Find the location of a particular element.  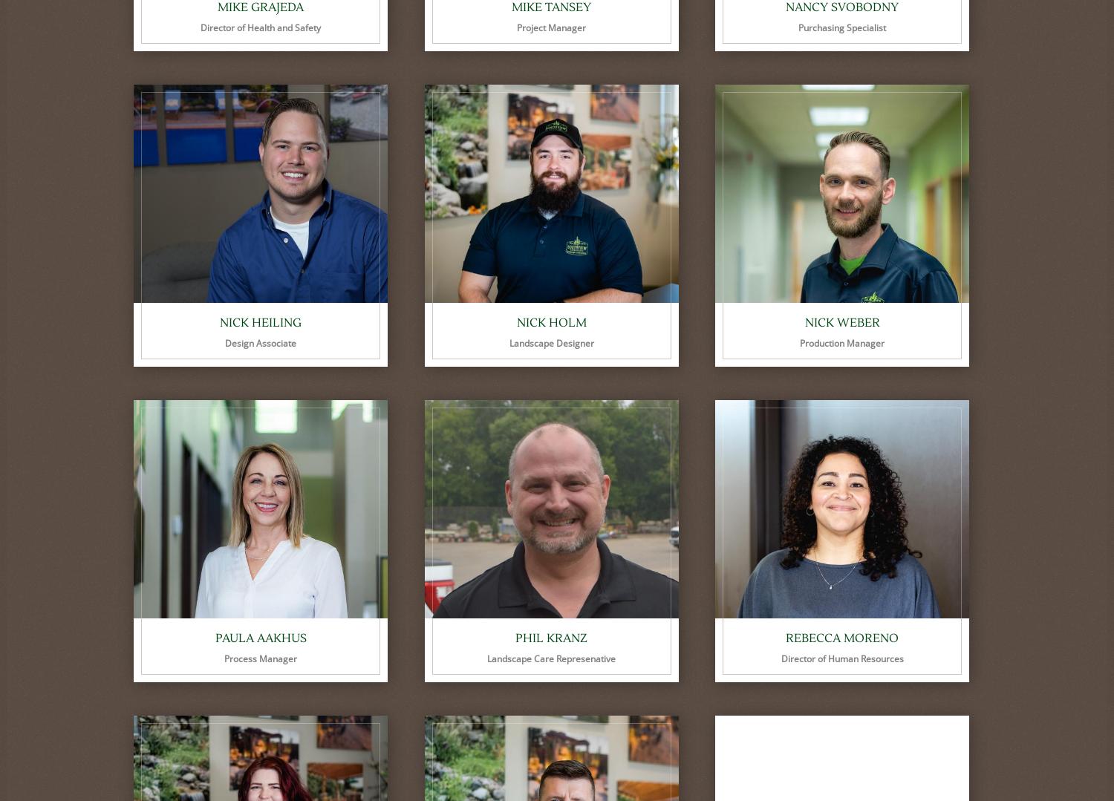

'Rebecca Moreno' is located at coordinates (842, 638).